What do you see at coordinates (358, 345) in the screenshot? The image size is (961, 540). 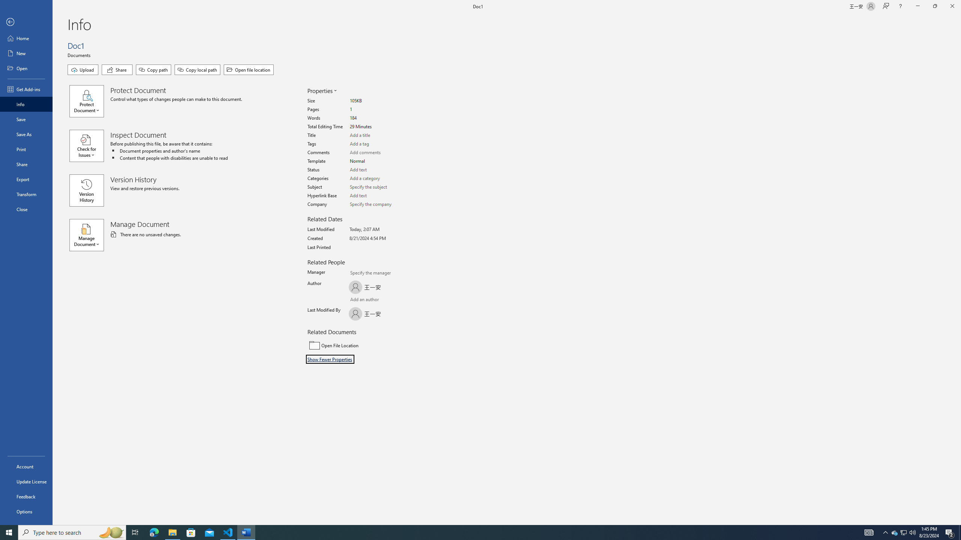 I see `'Open File Location'` at bounding box center [358, 345].